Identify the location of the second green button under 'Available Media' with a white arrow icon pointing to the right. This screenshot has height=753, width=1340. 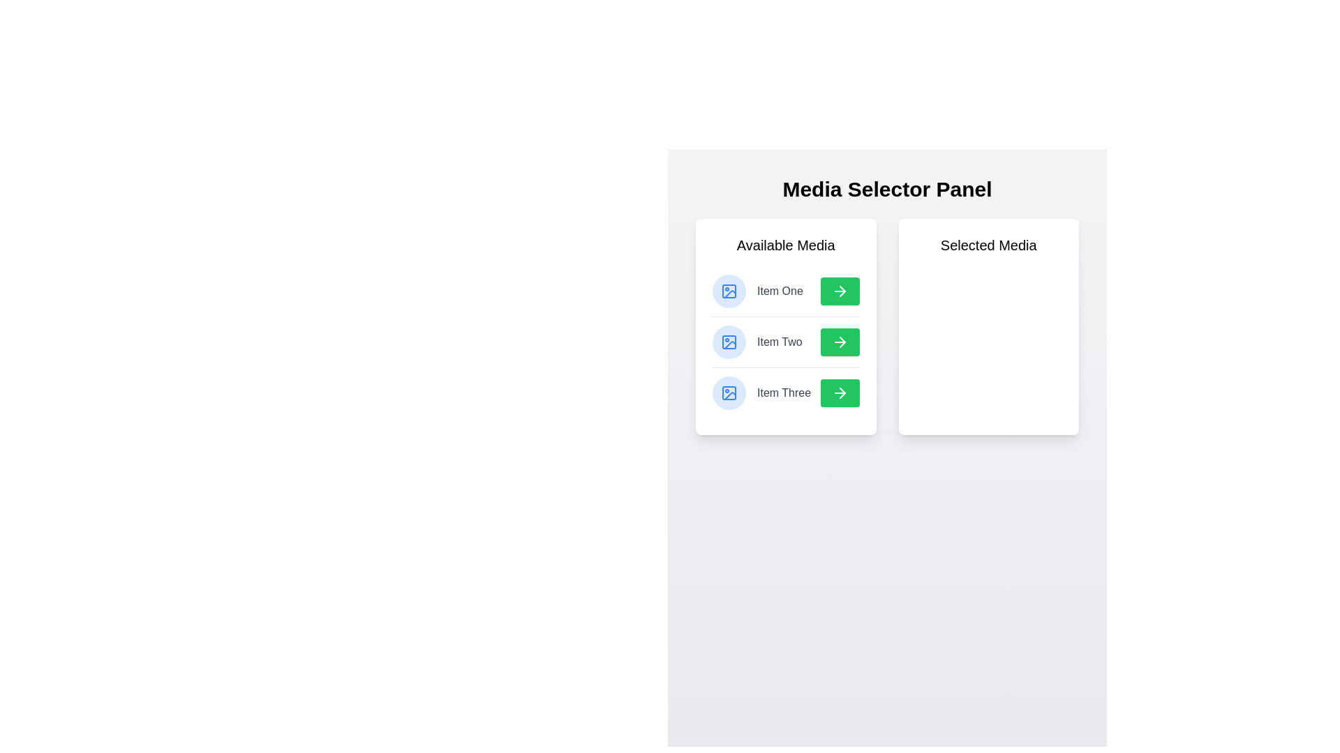
(839, 342).